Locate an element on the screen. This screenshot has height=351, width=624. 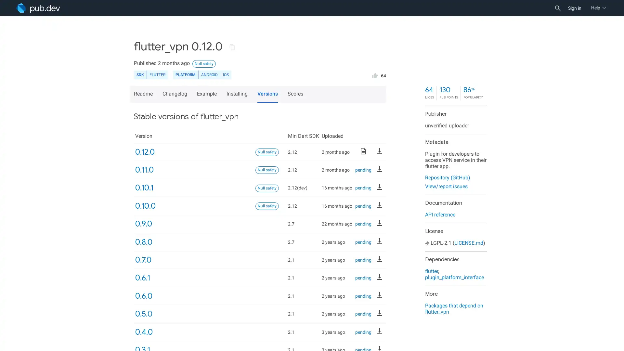
Example is located at coordinates (207, 94).